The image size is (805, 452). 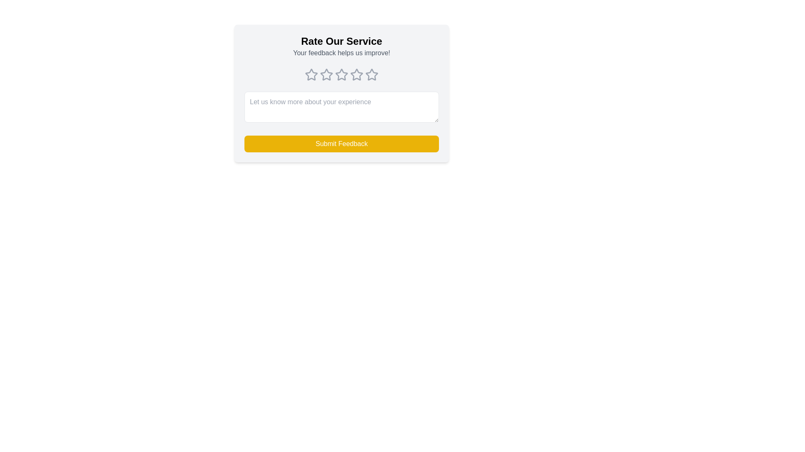 What do you see at coordinates (371, 74) in the screenshot?
I see `the fifth star in the five-star rating system to give the highest rating for the service, located beneath the text 'Rate Our Service'` at bounding box center [371, 74].